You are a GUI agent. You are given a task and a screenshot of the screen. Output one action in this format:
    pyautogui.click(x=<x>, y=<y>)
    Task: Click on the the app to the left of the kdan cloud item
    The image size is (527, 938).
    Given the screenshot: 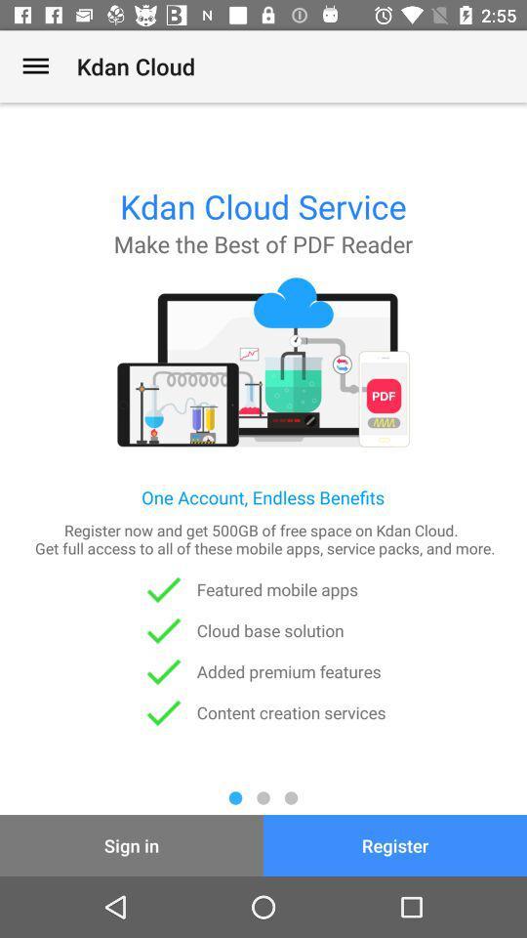 What is the action you would take?
    pyautogui.click(x=35, y=66)
    